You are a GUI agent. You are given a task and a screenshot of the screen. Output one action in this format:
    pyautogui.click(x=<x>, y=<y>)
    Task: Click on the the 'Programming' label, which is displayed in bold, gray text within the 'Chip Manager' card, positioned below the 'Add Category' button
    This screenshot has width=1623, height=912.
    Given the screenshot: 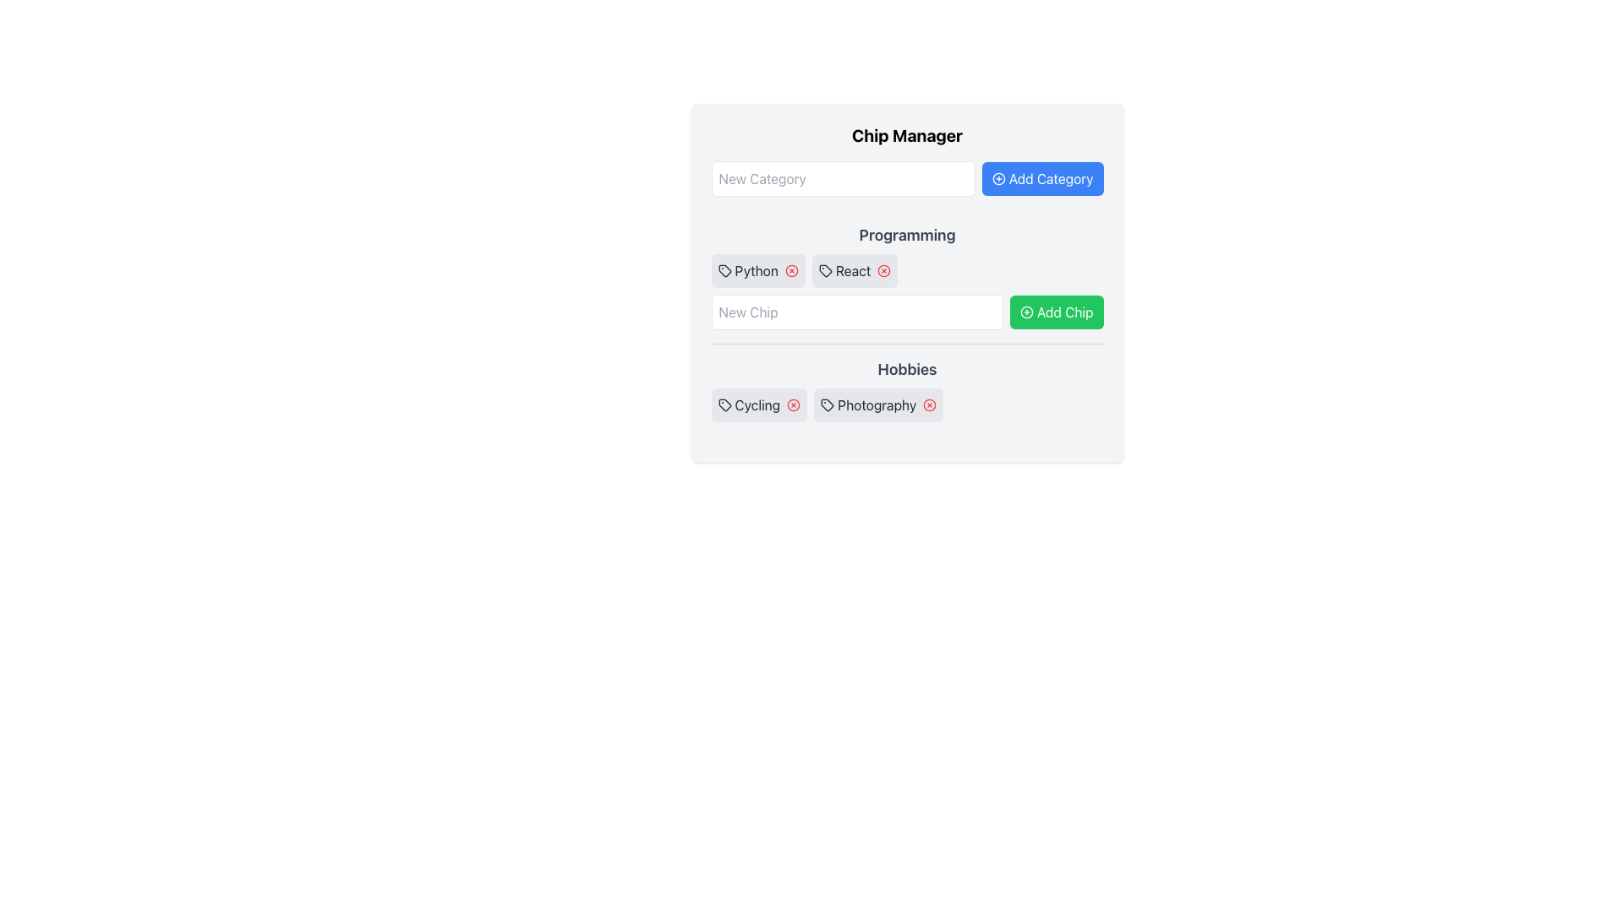 What is the action you would take?
    pyautogui.click(x=906, y=235)
    